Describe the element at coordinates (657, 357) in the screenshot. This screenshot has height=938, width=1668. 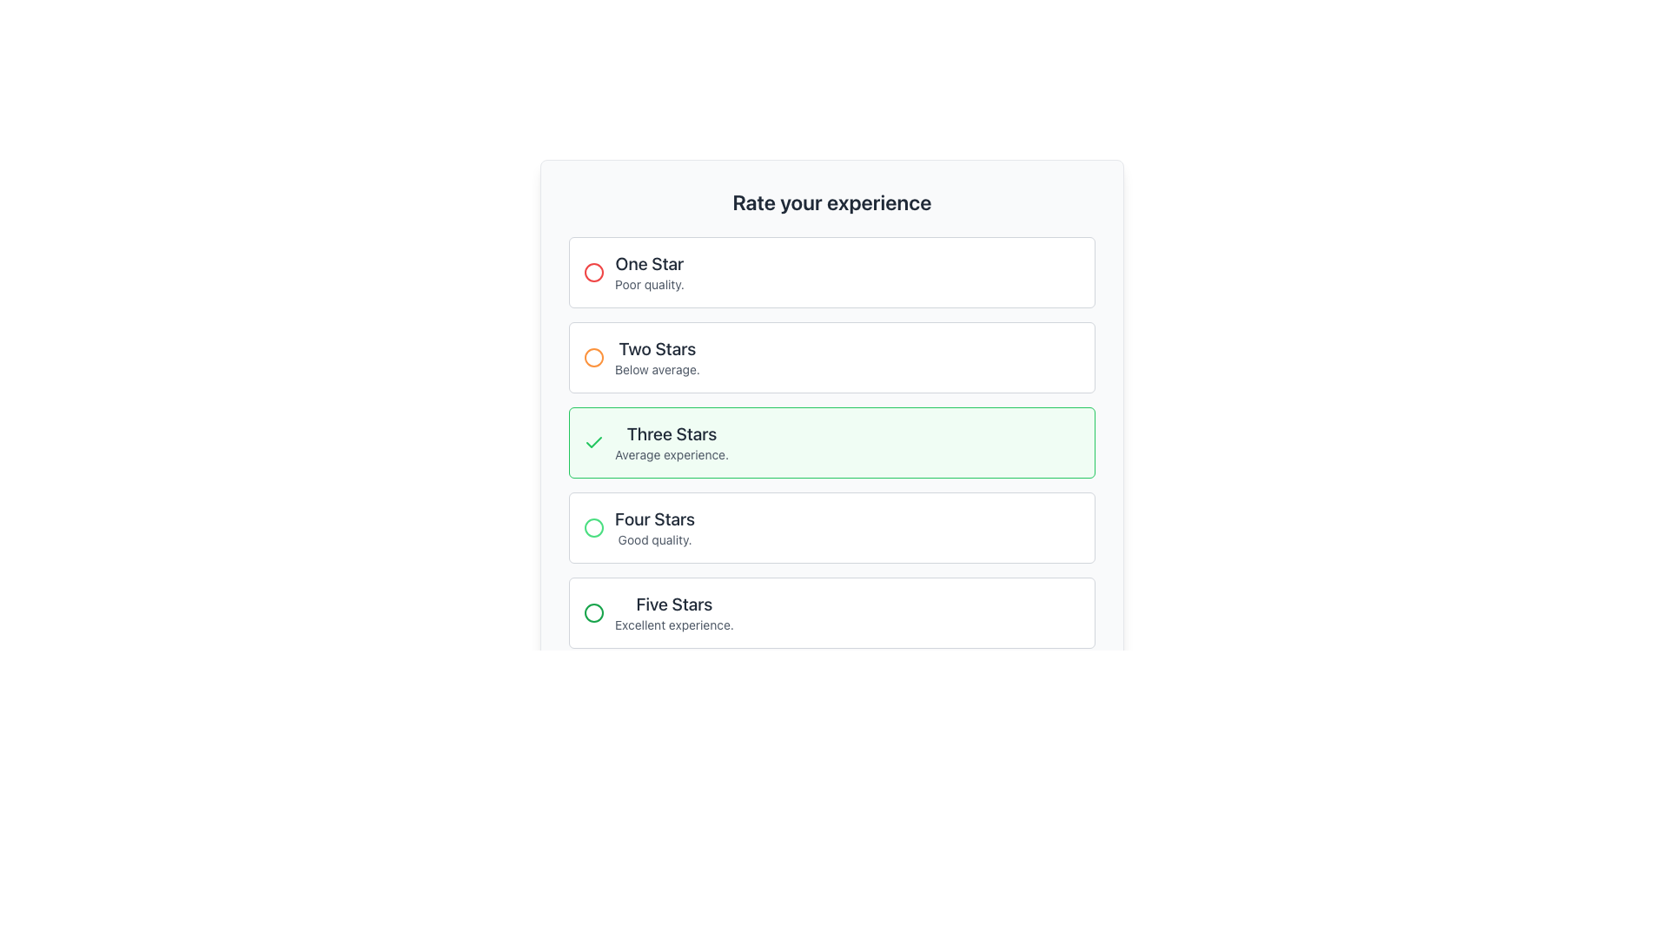
I see `label of the Text Block that conveys a rating option of 'Below average' with two stars, located in the second position of a vertical list of five options` at that location.